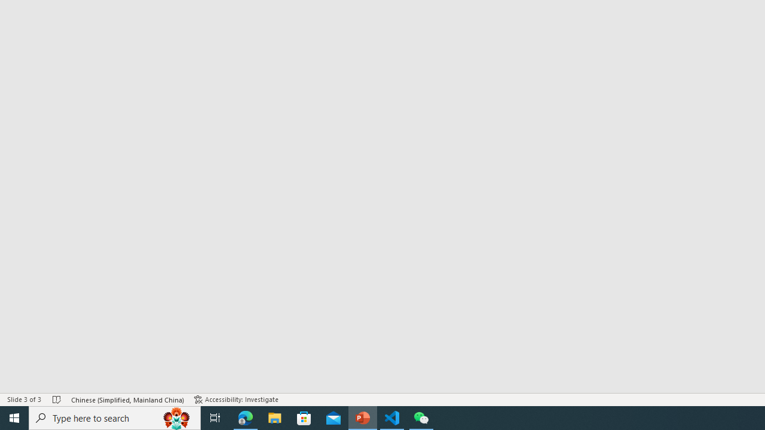  What do you see at coordinates (274, 417) in the screenshot?
I see `'File Explorer'` at bounding box center [274, 417].